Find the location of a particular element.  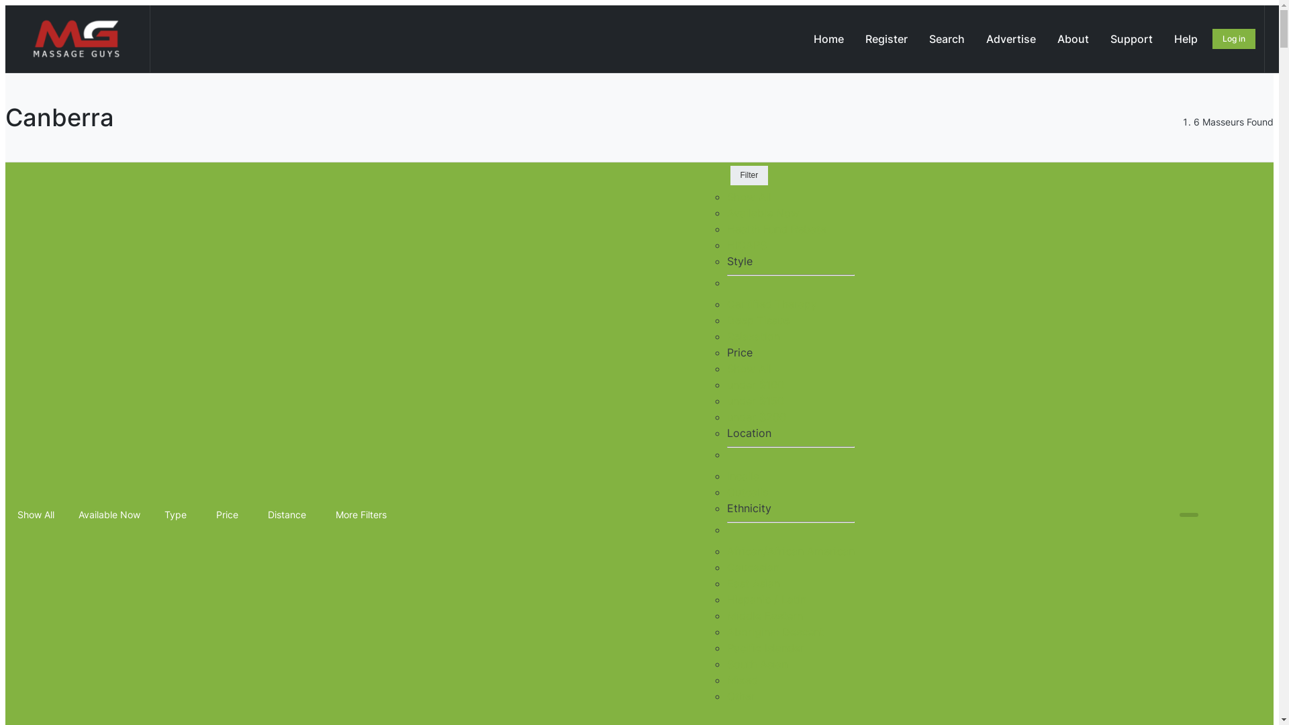

'Register' is located at coordinates (886, 38).